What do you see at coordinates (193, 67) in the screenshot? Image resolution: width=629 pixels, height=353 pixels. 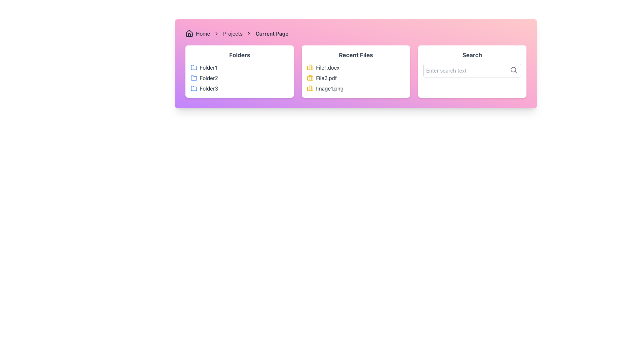 I see `the folder icon with a blue outline next to the text label 'Folder1'` at bounding box center [193, 67].